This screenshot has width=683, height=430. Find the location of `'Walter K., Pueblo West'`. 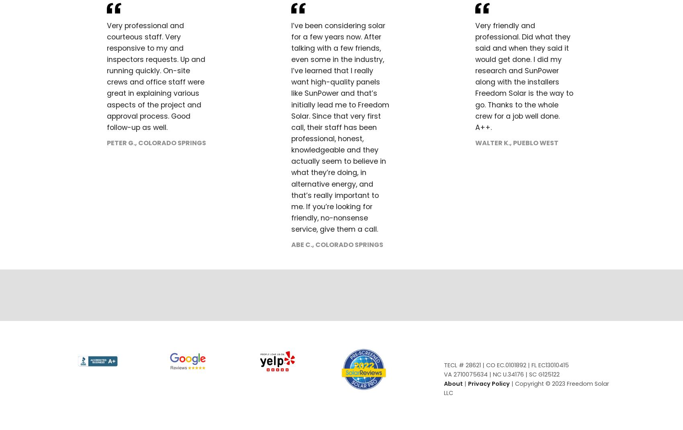

'Walter K., Pueblo West' is located at coordinates (517, 143).